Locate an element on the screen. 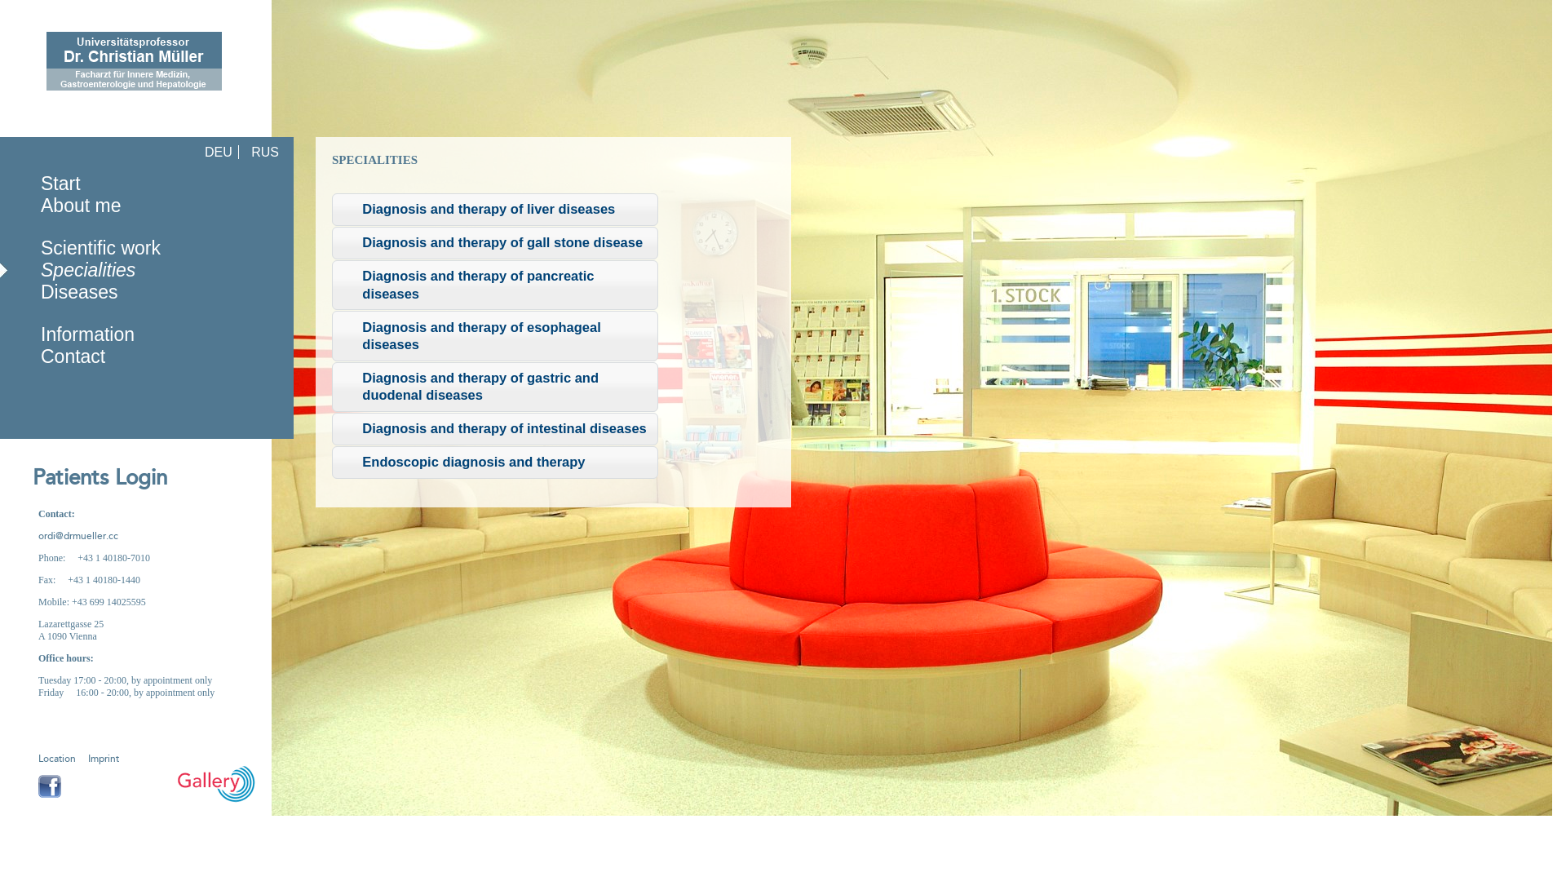  'Diagnosis and therapy of intestinal diseases' is located at coordinates (493, 427).